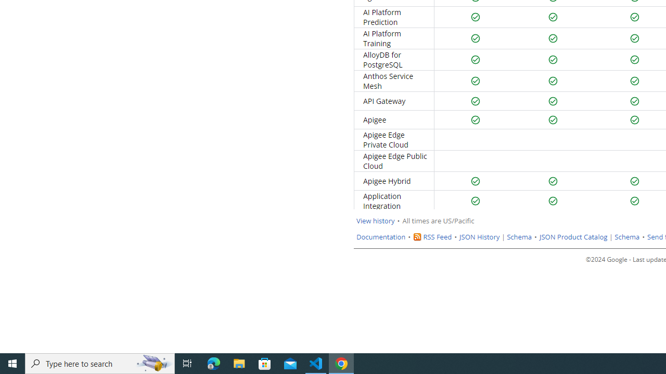 This screenshot has width=666, height=374. Describe the element at coordinates (437, 237) in the screenshot. I see `'RSS Feed'` at that location.